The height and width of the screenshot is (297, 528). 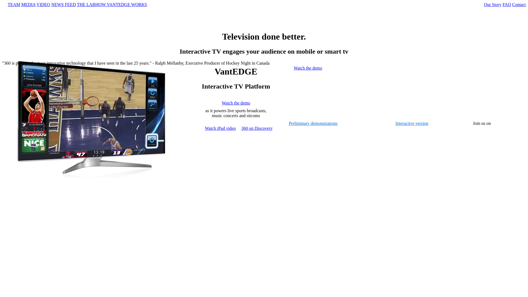 I want to click on 'Preliminary demonstrations', so click(x=288, y=123).